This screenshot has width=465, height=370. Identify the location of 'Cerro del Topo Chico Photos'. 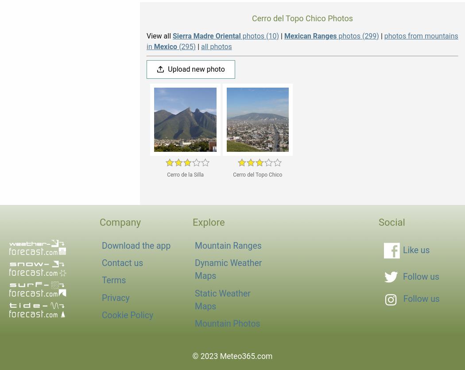
(251, 18).